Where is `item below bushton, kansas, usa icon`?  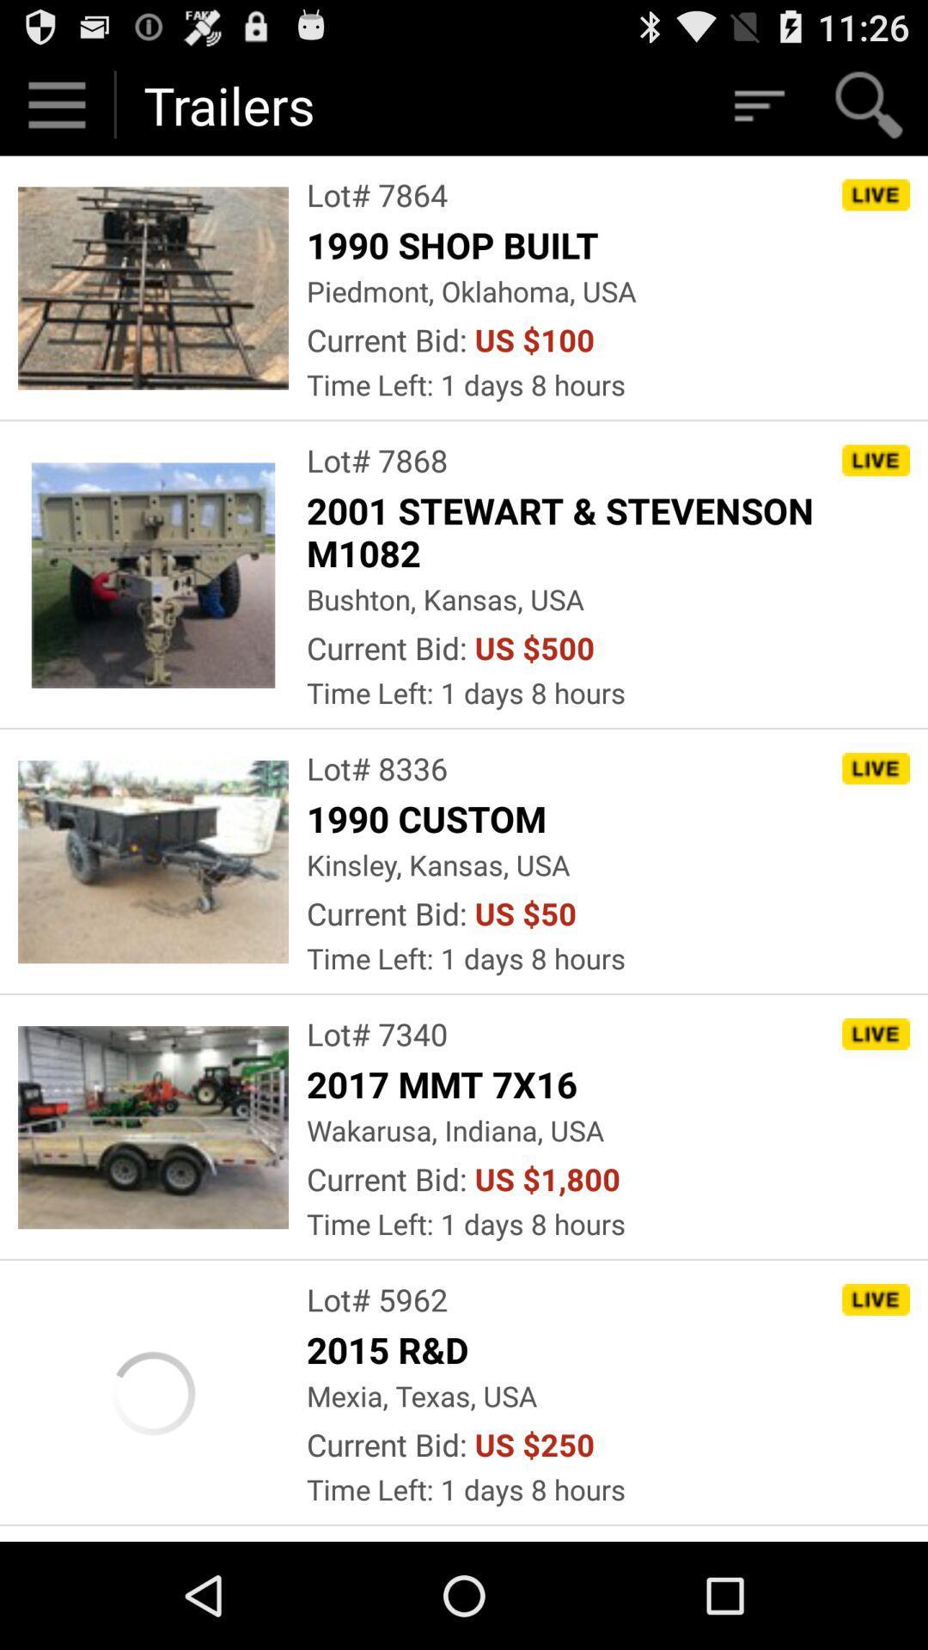
item below bushton, kansas, usa icon is located at coordinates (534, 647).